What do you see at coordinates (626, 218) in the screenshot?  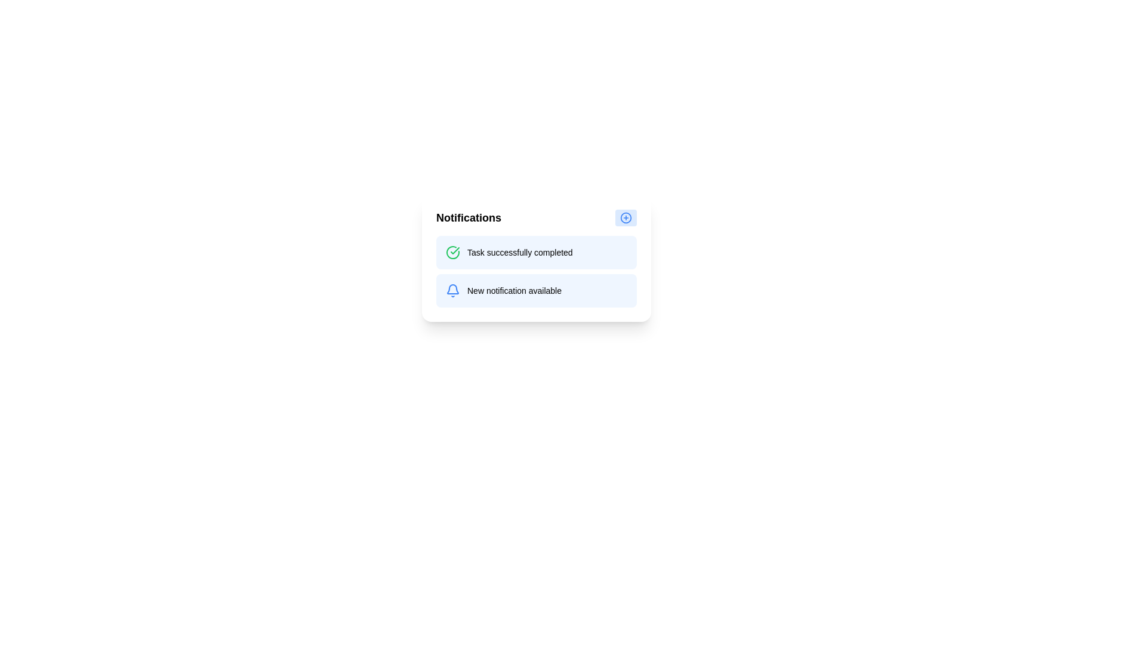 I see `the circular '+' button with a light blue background and blue border located at the top-right corner of the Notifications box` at bounding box center [626, 218].